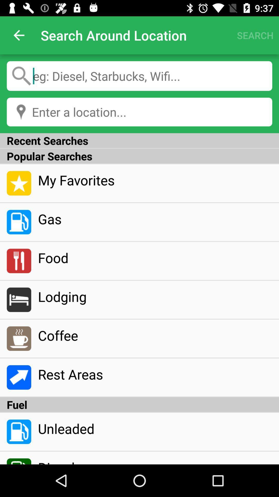 The height and width of the screenshot is (497, 279). I want to click on food item, so click(155, 258).